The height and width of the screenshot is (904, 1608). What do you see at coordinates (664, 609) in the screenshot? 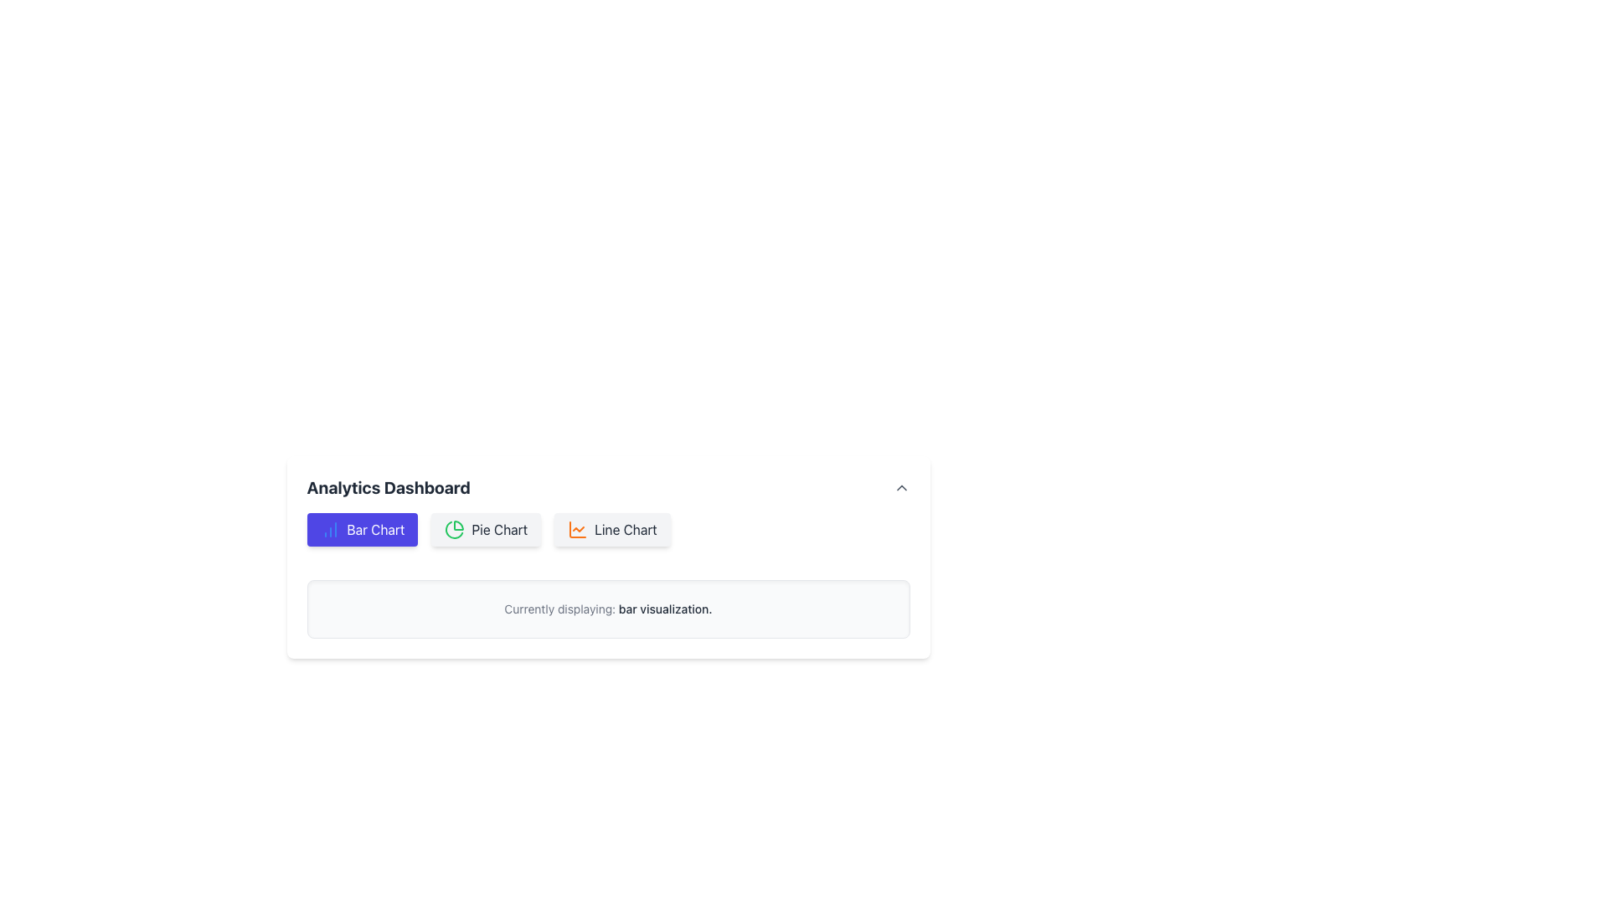
I see `the static text element that indicates the active chart type, which reads 'Currently displaying: bar visualization.'` at bounding box center [664, 609].